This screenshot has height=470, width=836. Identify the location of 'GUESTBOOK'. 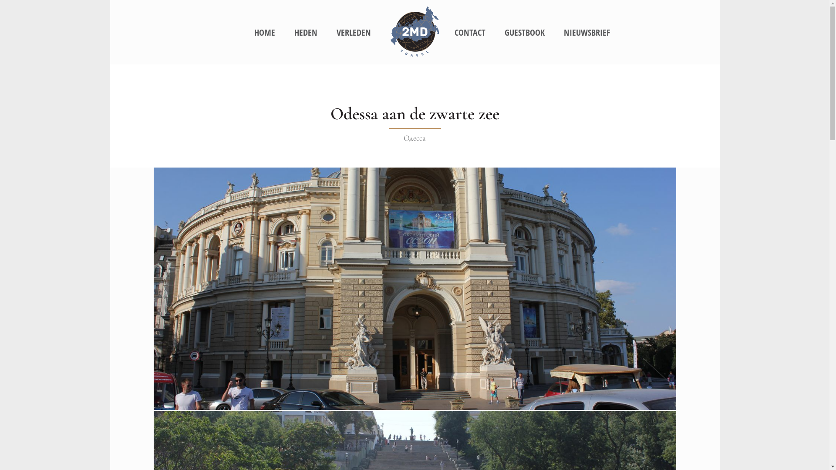
(524, 32).